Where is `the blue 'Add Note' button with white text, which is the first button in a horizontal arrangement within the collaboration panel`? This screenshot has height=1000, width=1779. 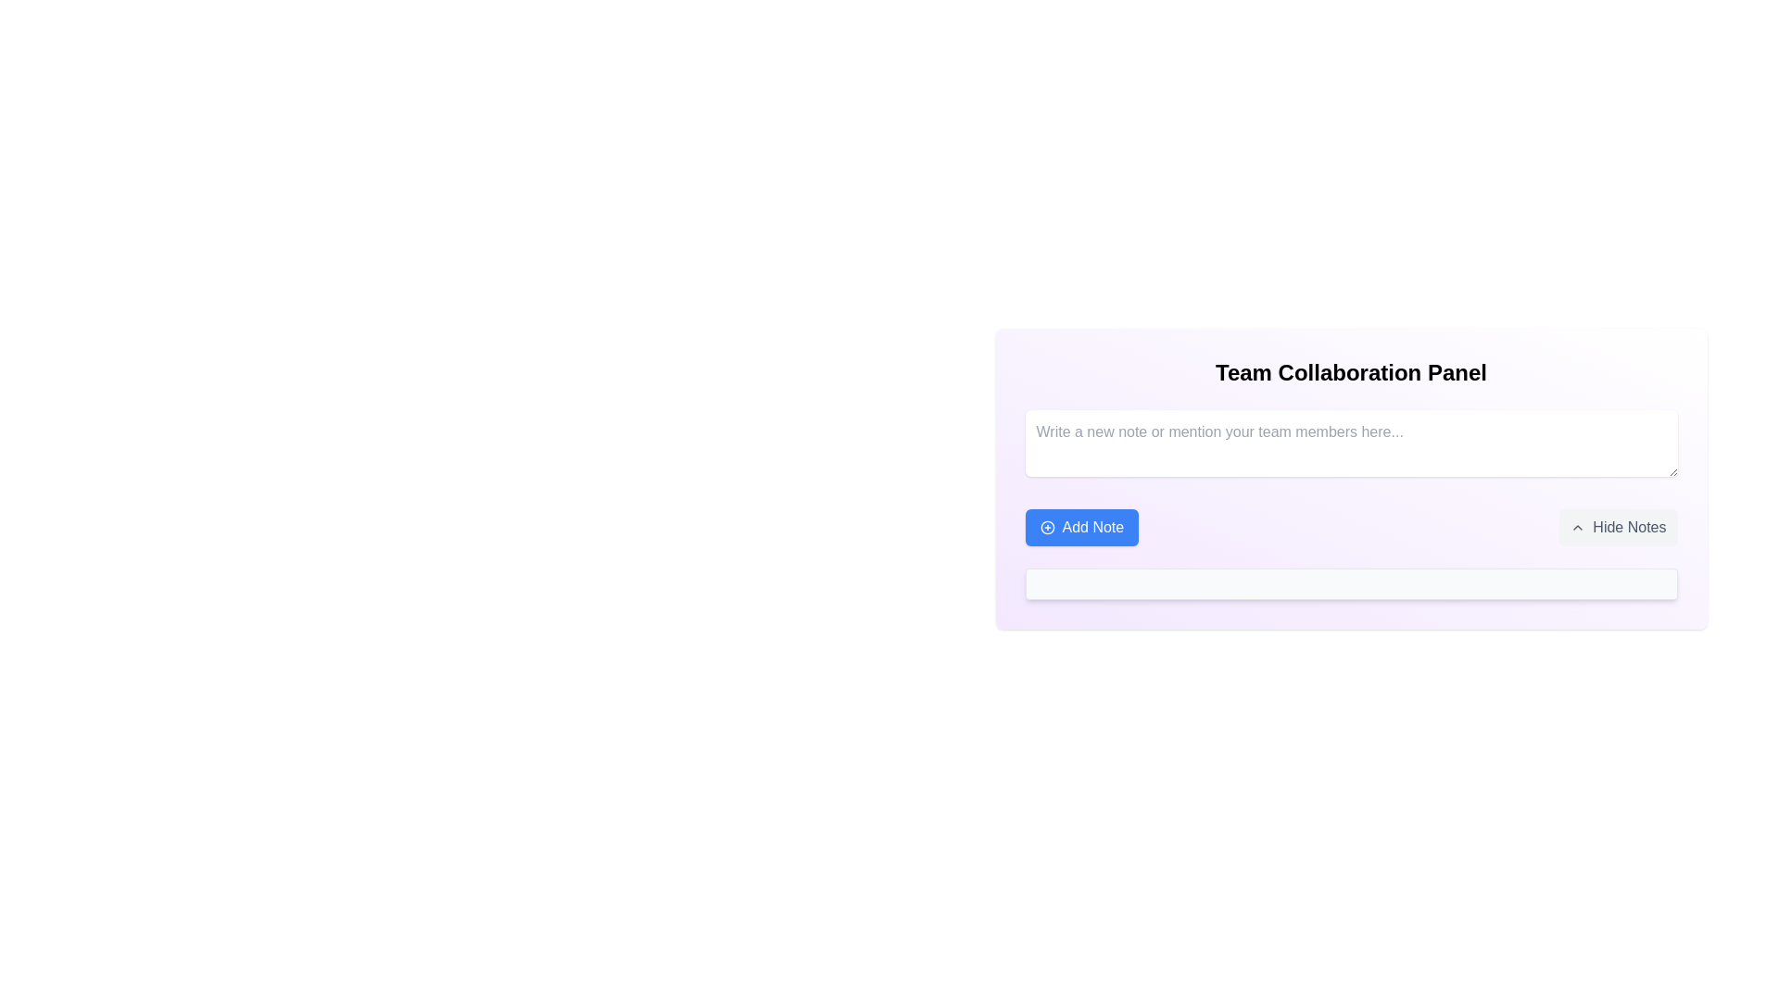 the blue 'Add Note' button with white text, which is the first button in a horizontal arrangement within the collaboration panel is located at coordinates (1081, 528).